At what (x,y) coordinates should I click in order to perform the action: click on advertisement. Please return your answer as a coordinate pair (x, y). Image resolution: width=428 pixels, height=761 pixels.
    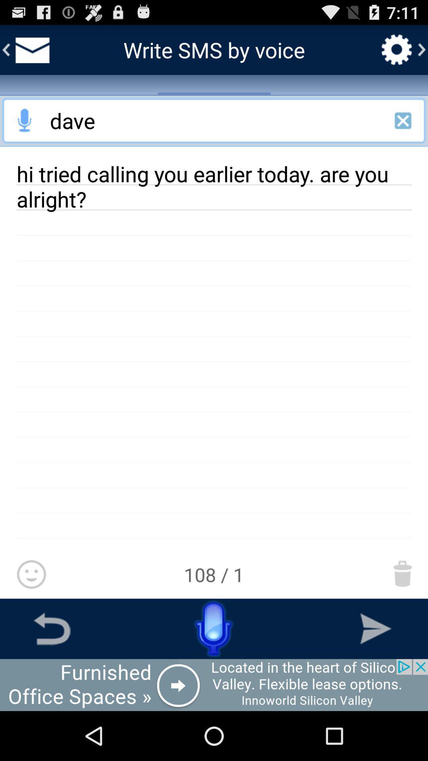
    Looking at the image, I should click on (214, 685).